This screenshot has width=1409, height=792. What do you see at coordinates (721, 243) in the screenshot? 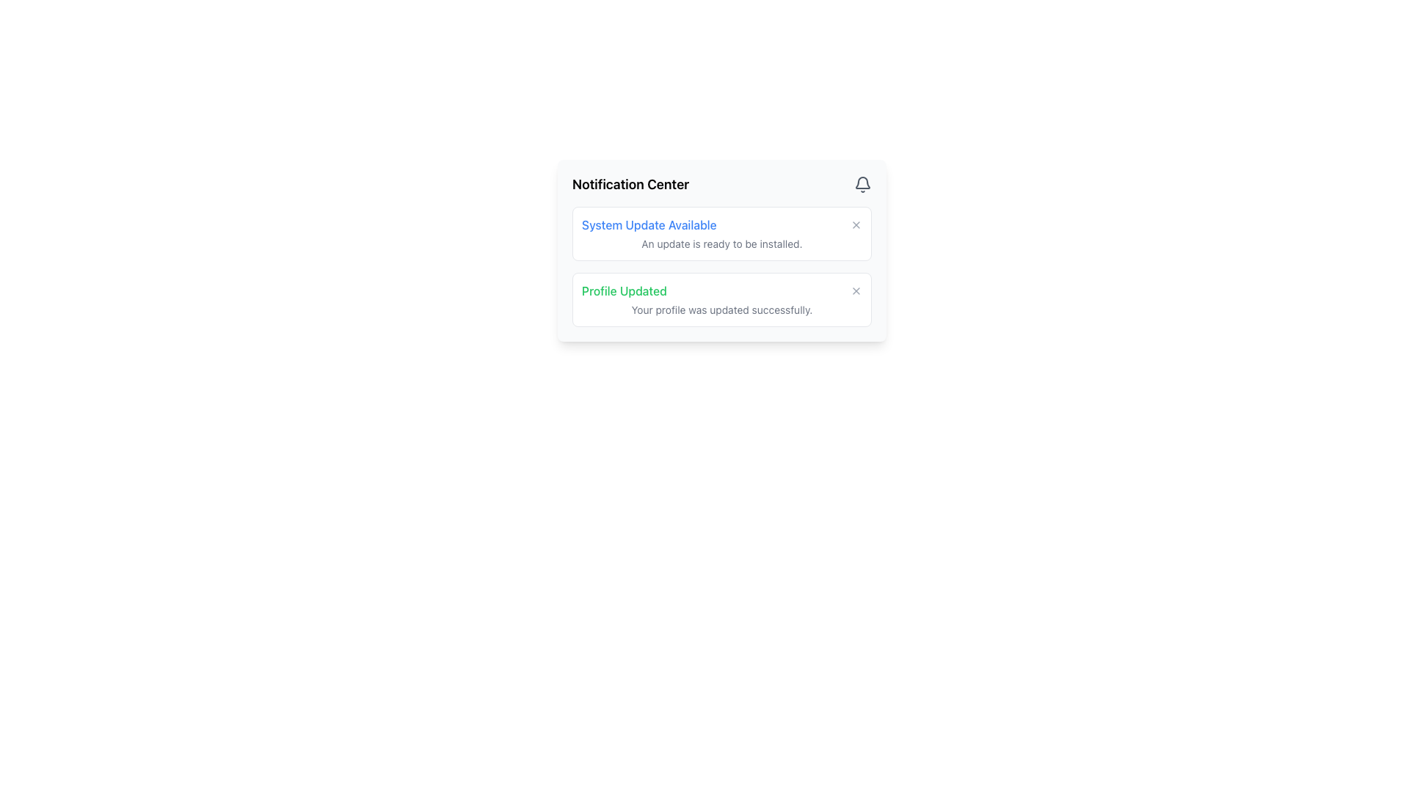
I see `descriptive text of the 'System Update Available' notification located below the heading in the notification center` at bounding box center [721, 243].